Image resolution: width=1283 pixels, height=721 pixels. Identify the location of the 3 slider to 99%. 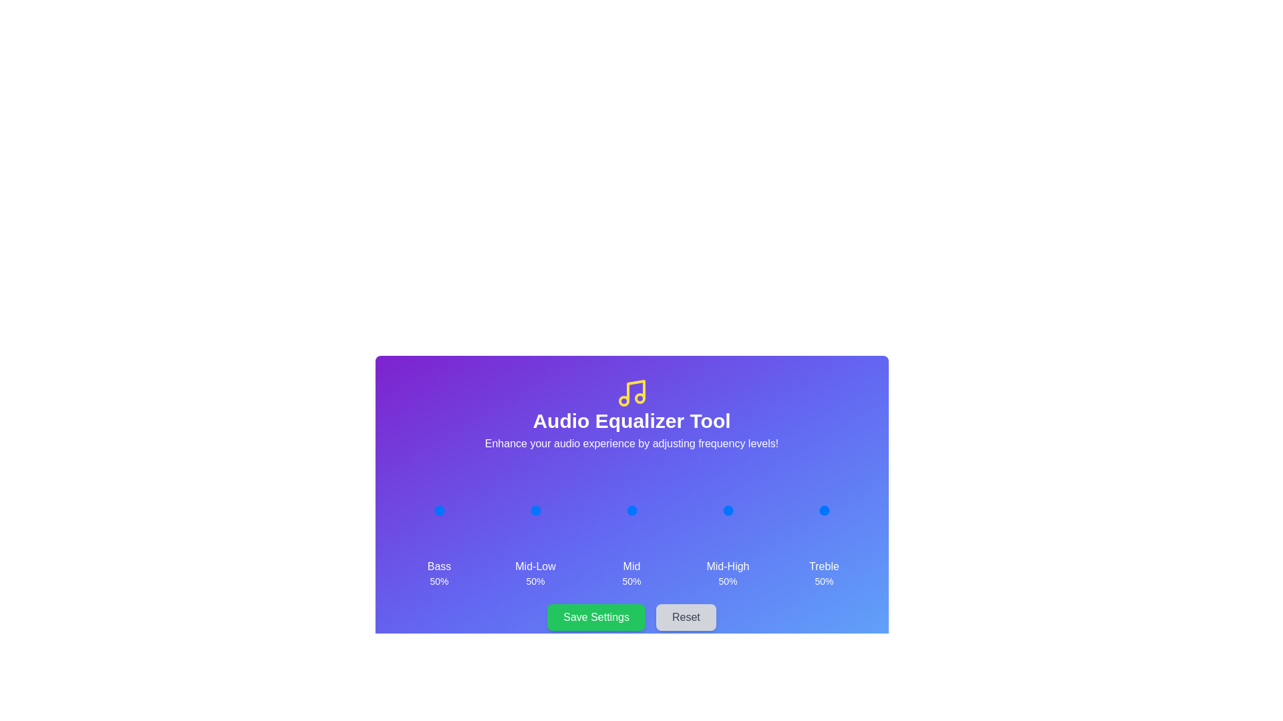
(748, 510).